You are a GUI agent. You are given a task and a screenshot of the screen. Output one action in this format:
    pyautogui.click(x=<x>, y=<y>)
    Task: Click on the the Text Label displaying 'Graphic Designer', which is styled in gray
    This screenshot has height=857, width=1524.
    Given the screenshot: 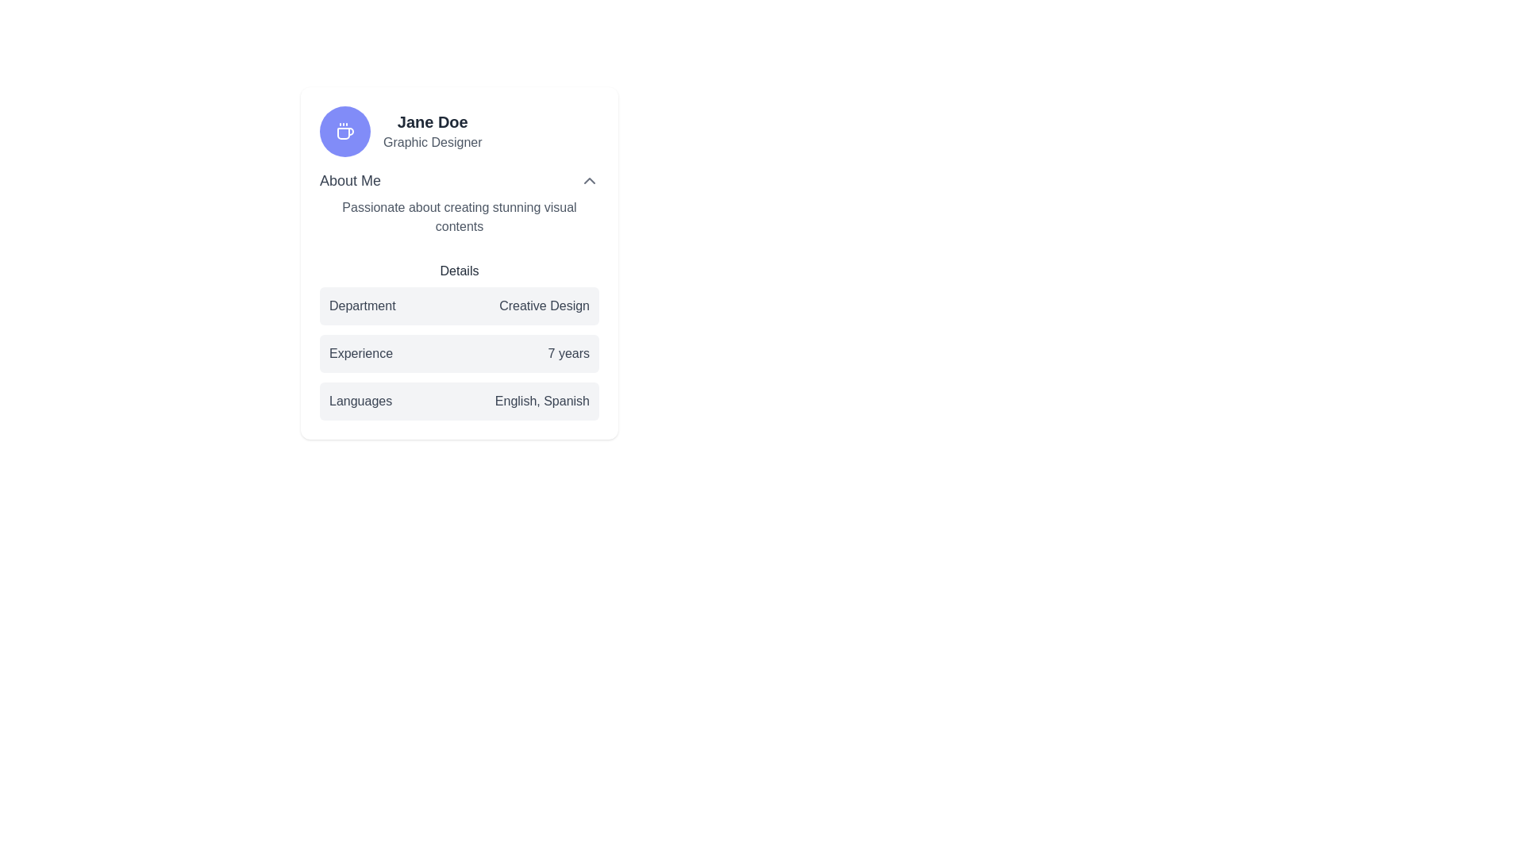 What is the action you would take?
    pyautogui.click(x=433, y=143)
    